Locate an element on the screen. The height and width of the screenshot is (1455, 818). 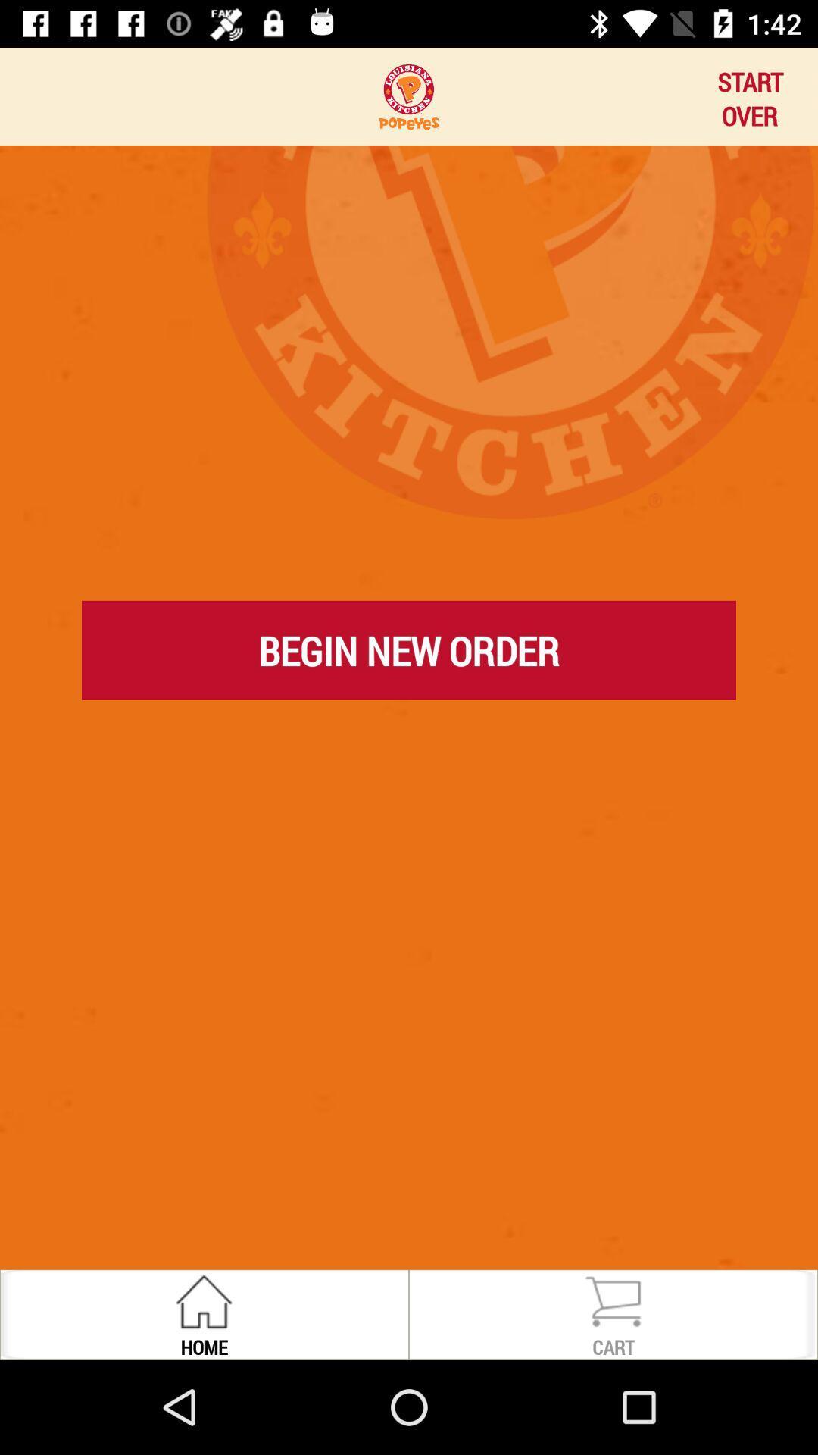
the item below begin new order is located at coordinates (409, 719).